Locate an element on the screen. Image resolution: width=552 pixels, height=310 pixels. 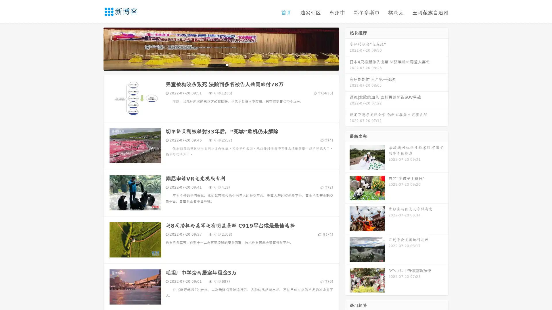
Previous slide is located at coordinates (95, 48).